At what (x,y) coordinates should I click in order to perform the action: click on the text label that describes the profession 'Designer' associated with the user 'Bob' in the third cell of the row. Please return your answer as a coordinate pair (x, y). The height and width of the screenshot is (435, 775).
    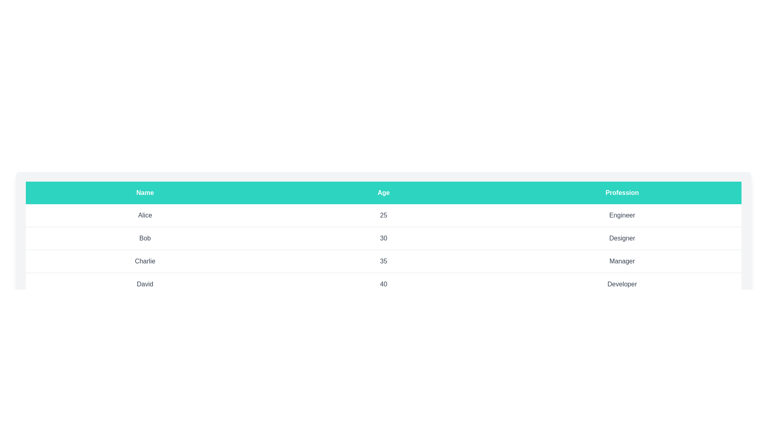
    Looking at the image, I should click on (622, 238).